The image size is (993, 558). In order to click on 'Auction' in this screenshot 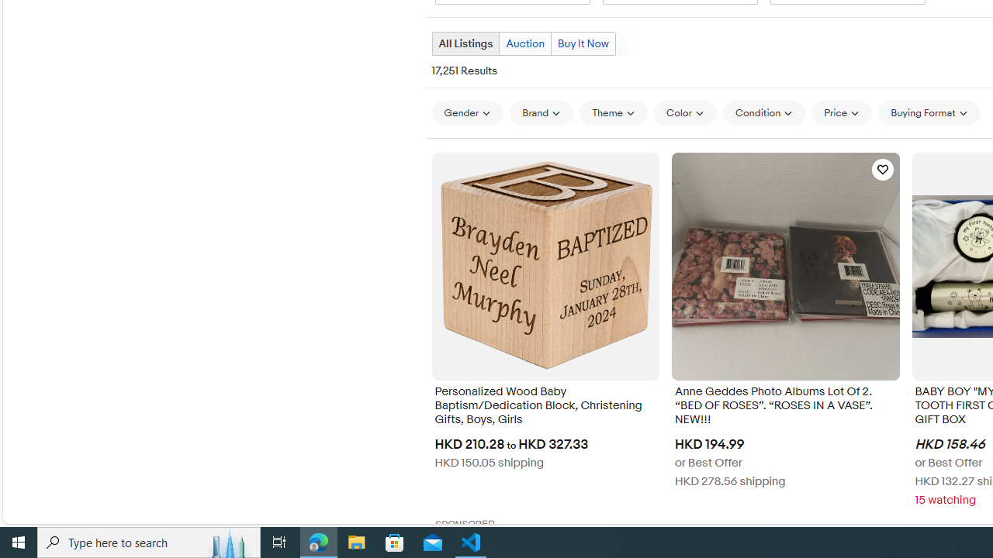, I will do `click(524, 43)`.